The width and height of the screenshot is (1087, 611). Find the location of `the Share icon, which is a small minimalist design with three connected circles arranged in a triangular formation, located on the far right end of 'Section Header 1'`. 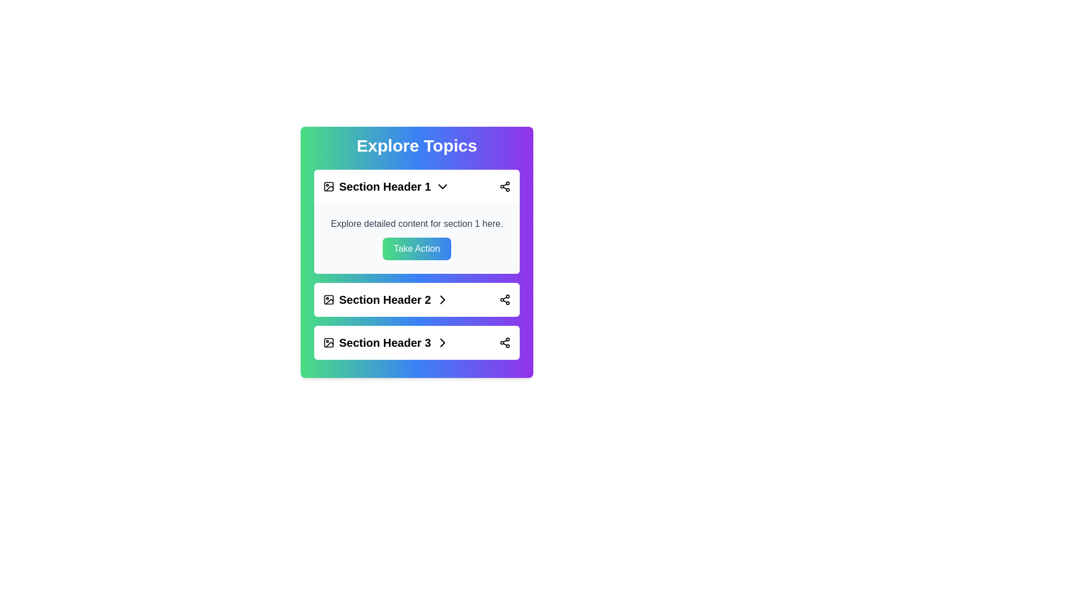

the Share icon, which is a small minimalist design with three connected circles arranged in a triangular formation, located on the far right end of 'Section Header 1' is located at coordinates (504, 186).